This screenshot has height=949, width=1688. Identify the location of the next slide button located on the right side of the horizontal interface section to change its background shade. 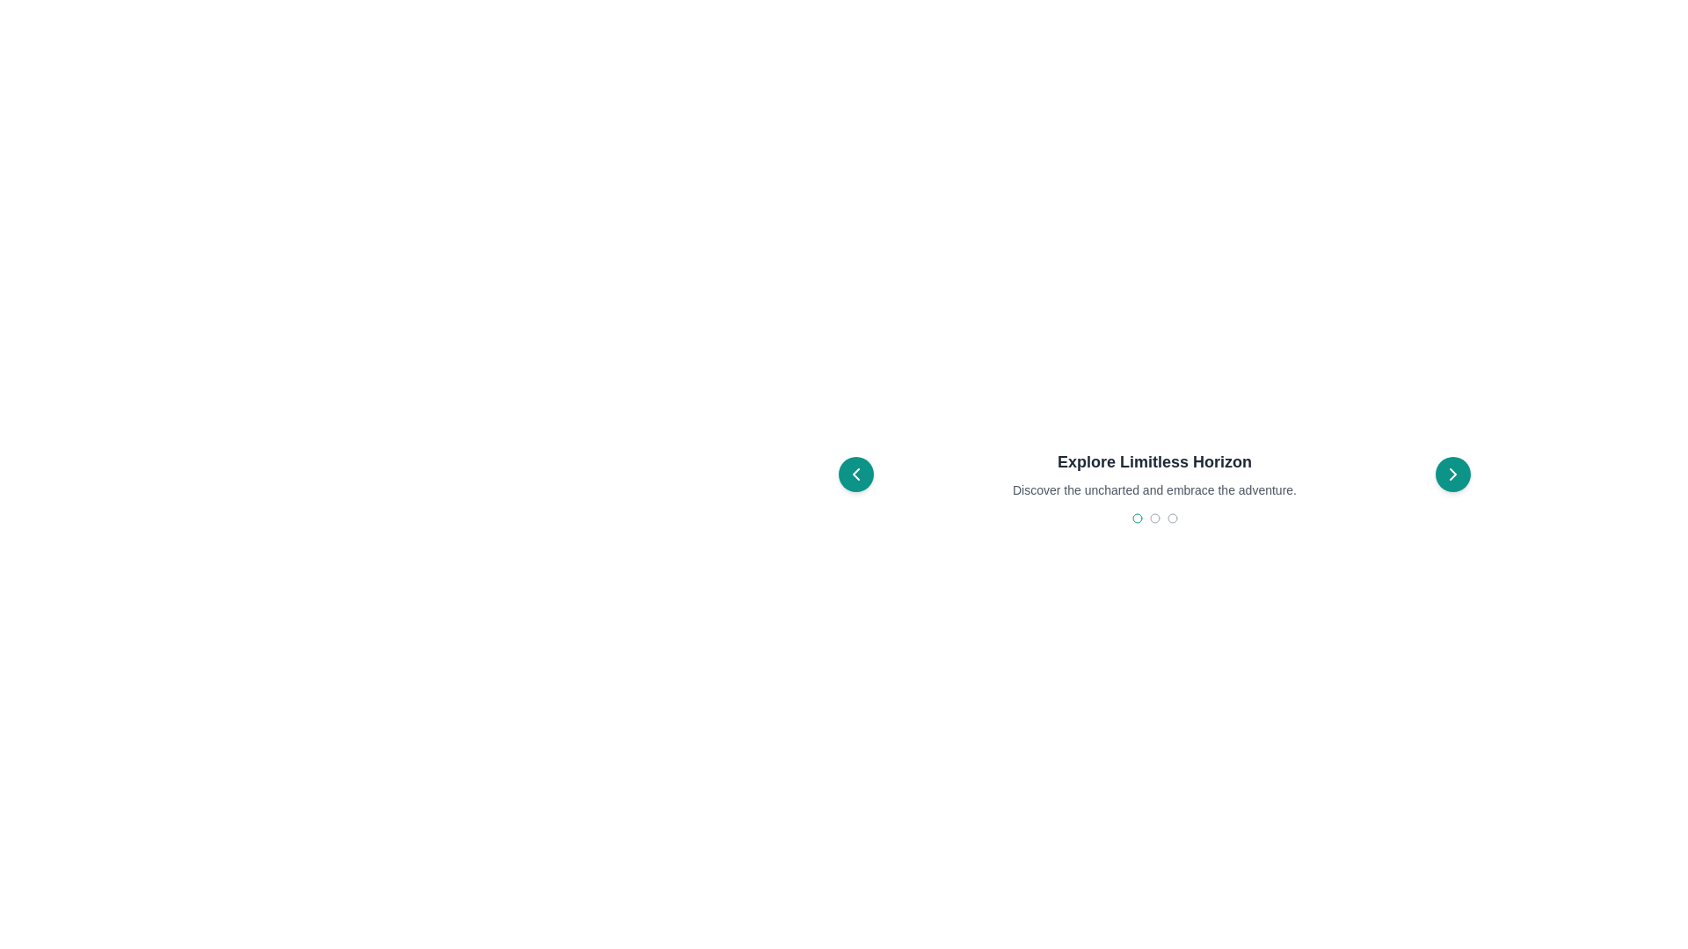
(1453, 474).